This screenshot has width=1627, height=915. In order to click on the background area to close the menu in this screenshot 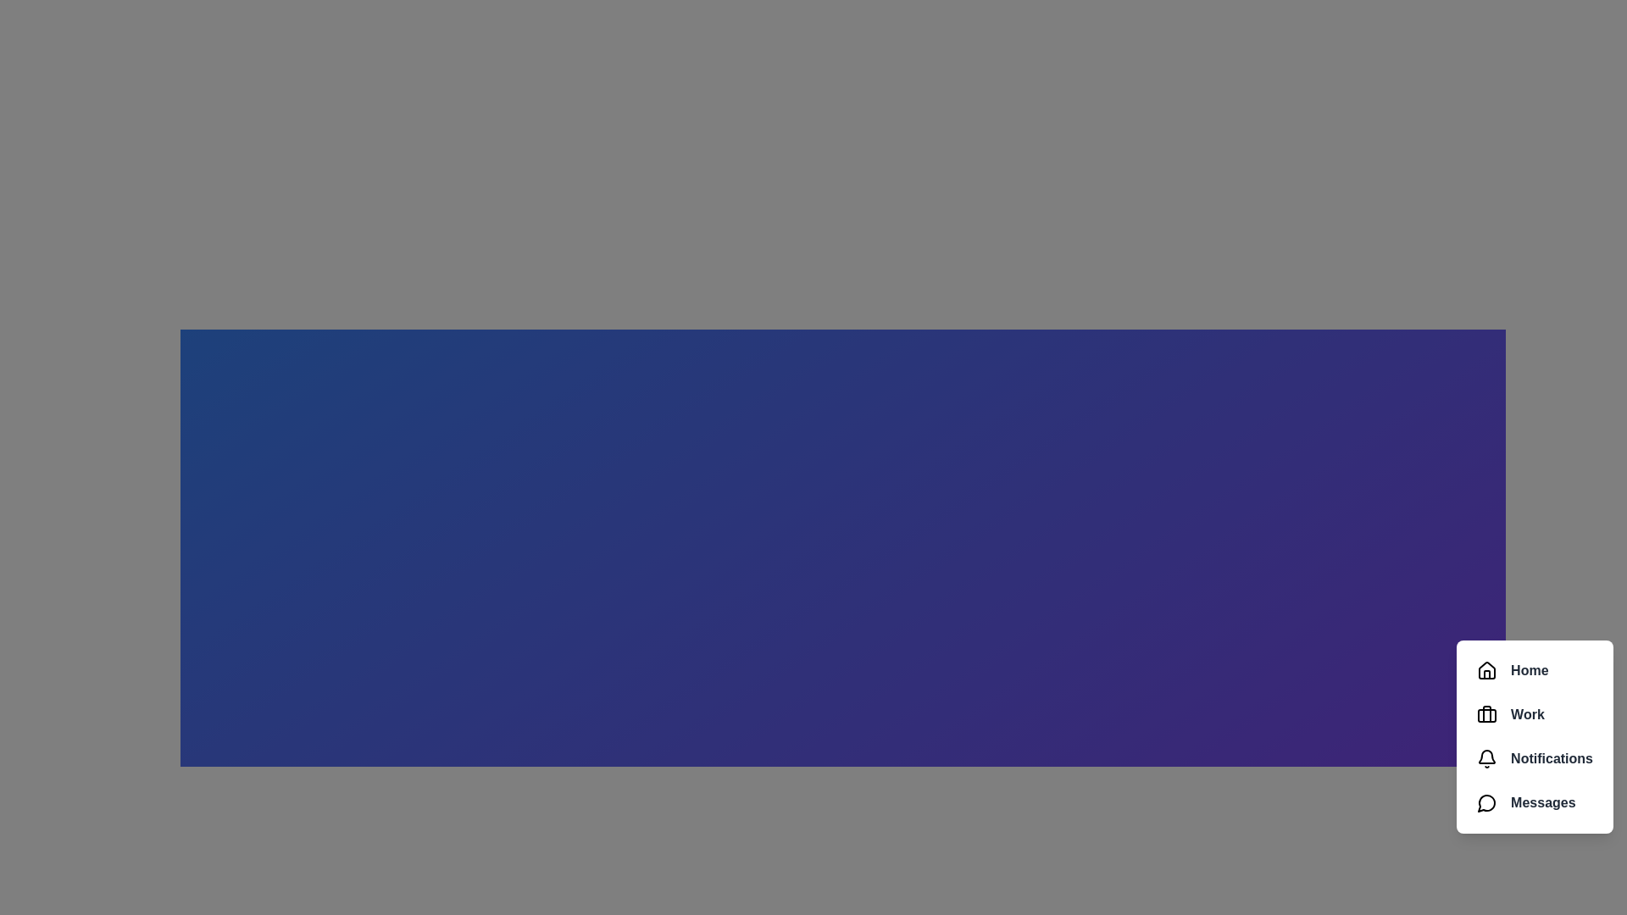, I will do `click(813, 457)`.